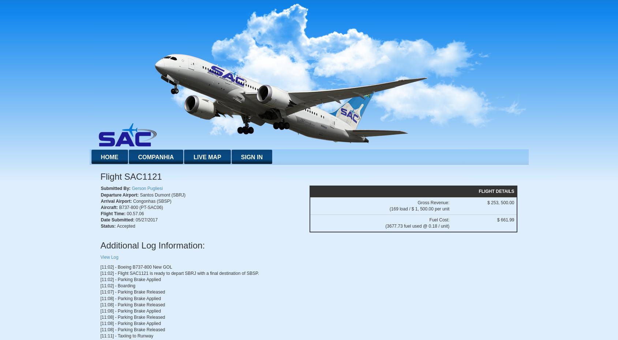  Describe the element at coordinates (100, 285) in the screenshot. I see `'[11:02] - Boarding'` at that location.